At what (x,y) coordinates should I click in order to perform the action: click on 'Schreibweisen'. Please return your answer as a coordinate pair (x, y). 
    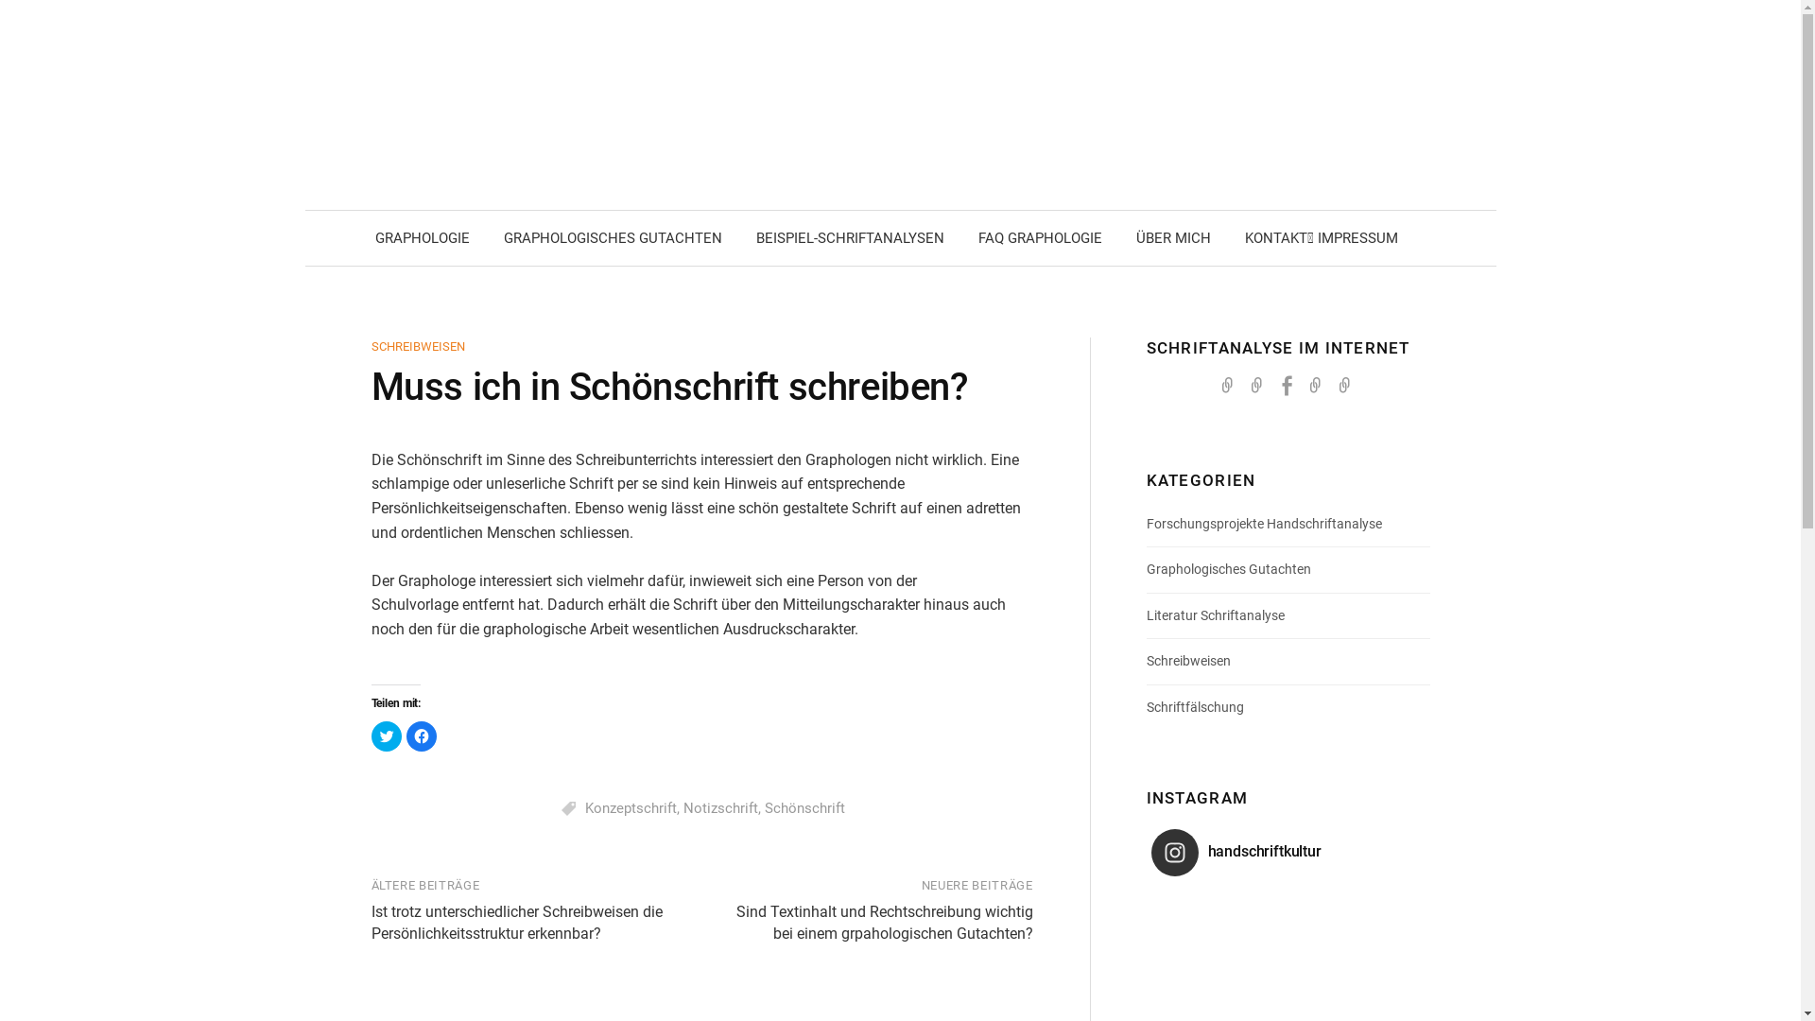
    Looking at the image, I should click on (1187, 659).